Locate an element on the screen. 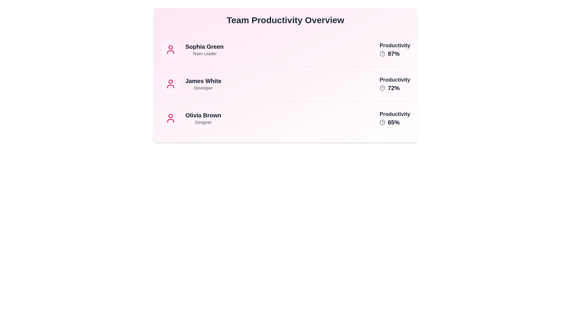  the circular visual indicator with a pink background and user icon representing Olivia Brown, located to the far left of her details in the row is located at coordinates (170, 118).